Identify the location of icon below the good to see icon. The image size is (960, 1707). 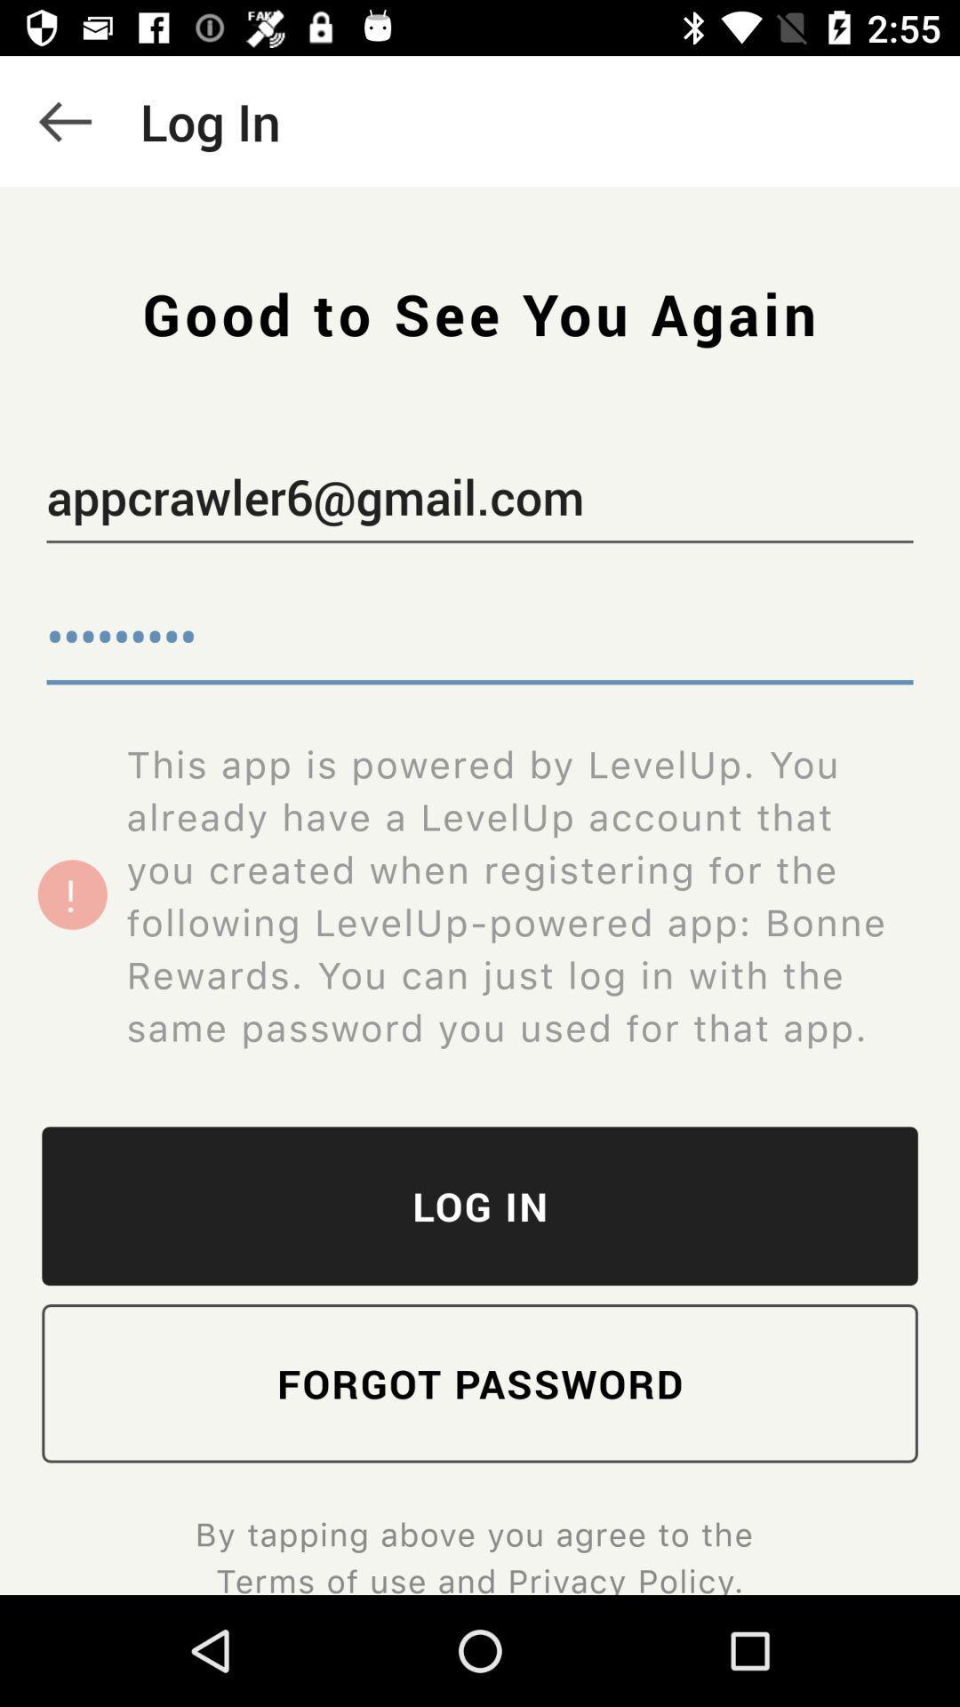
(480, 500).